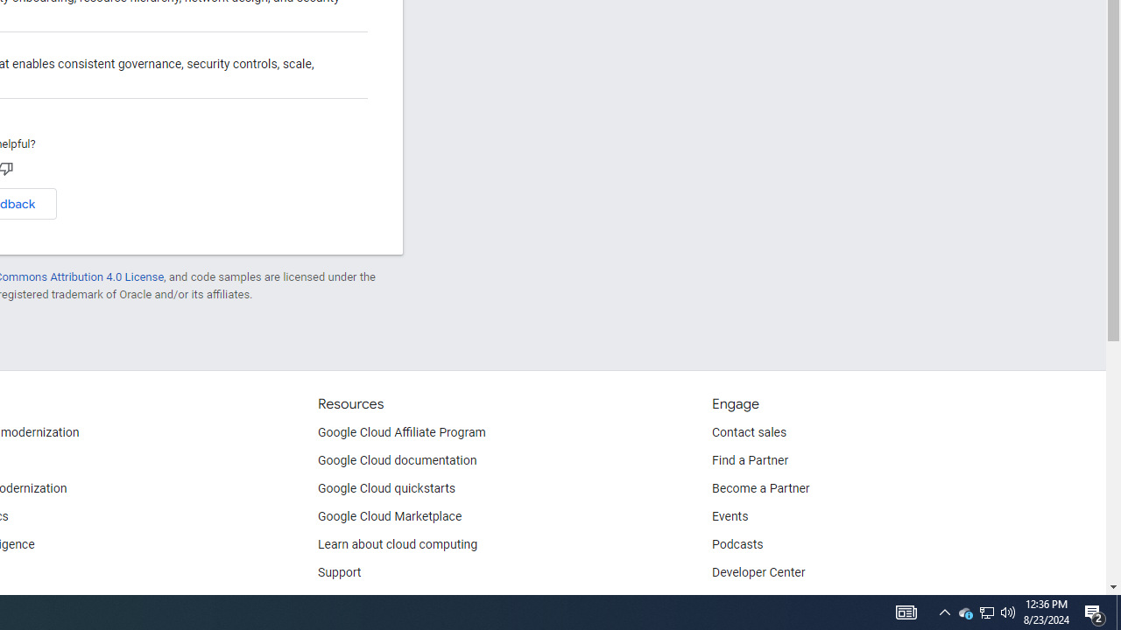  I want to click on 'Support', so click(340, 573).